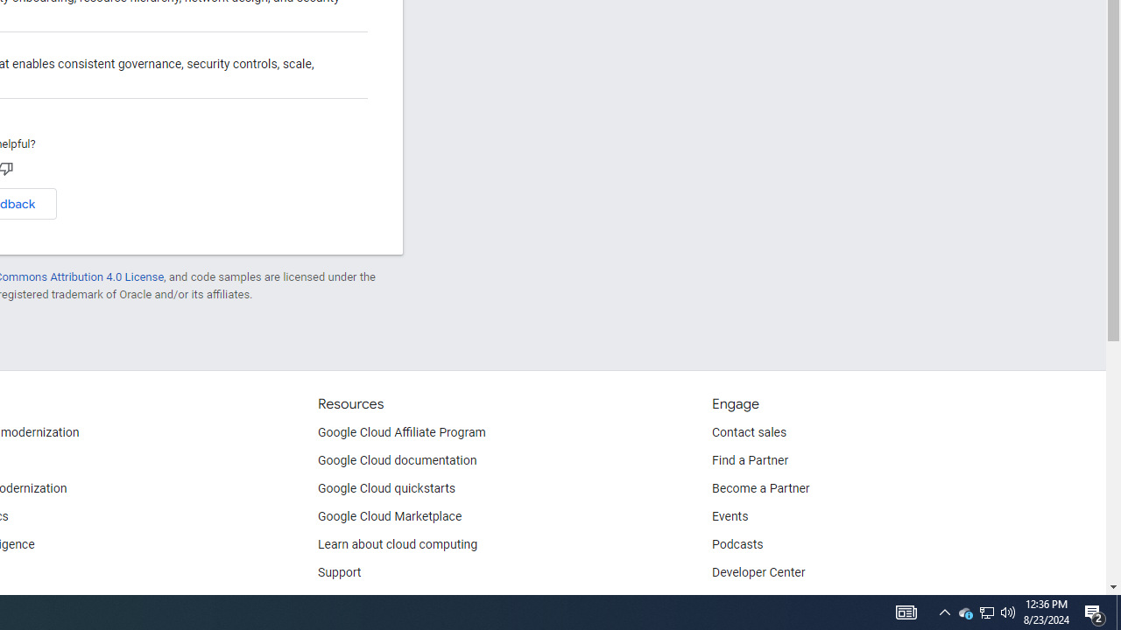  I want to click on 'Support', so click(340, 573).